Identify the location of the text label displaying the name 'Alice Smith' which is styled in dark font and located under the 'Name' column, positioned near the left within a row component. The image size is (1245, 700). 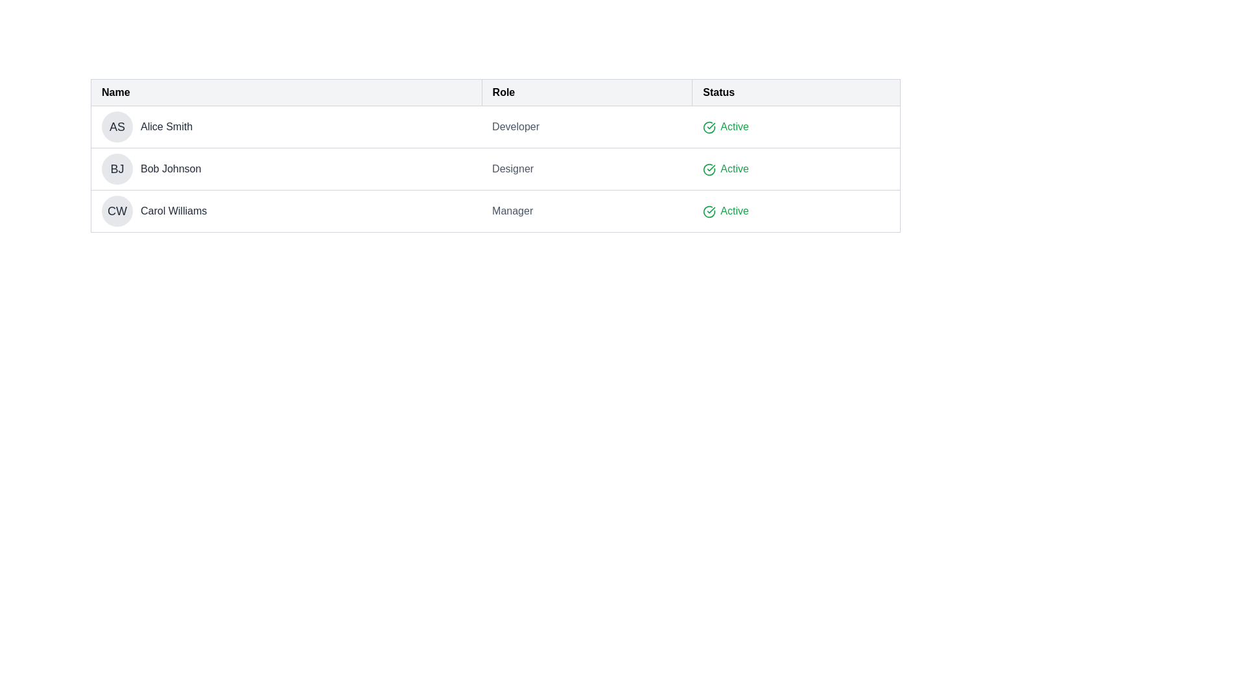
(166, 127).